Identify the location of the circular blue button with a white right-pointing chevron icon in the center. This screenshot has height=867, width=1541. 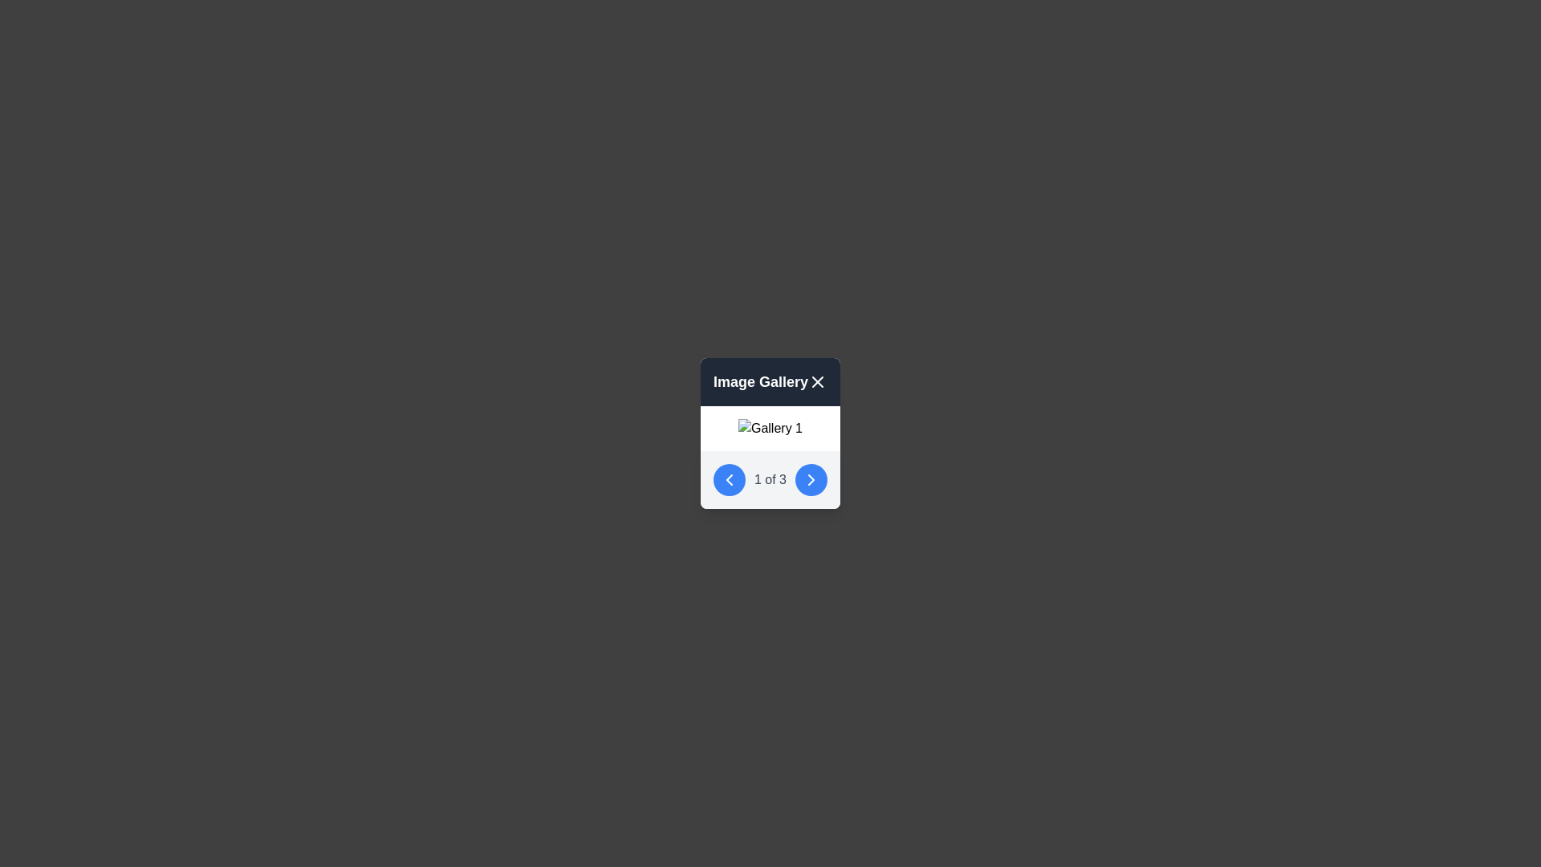
(811, 478).